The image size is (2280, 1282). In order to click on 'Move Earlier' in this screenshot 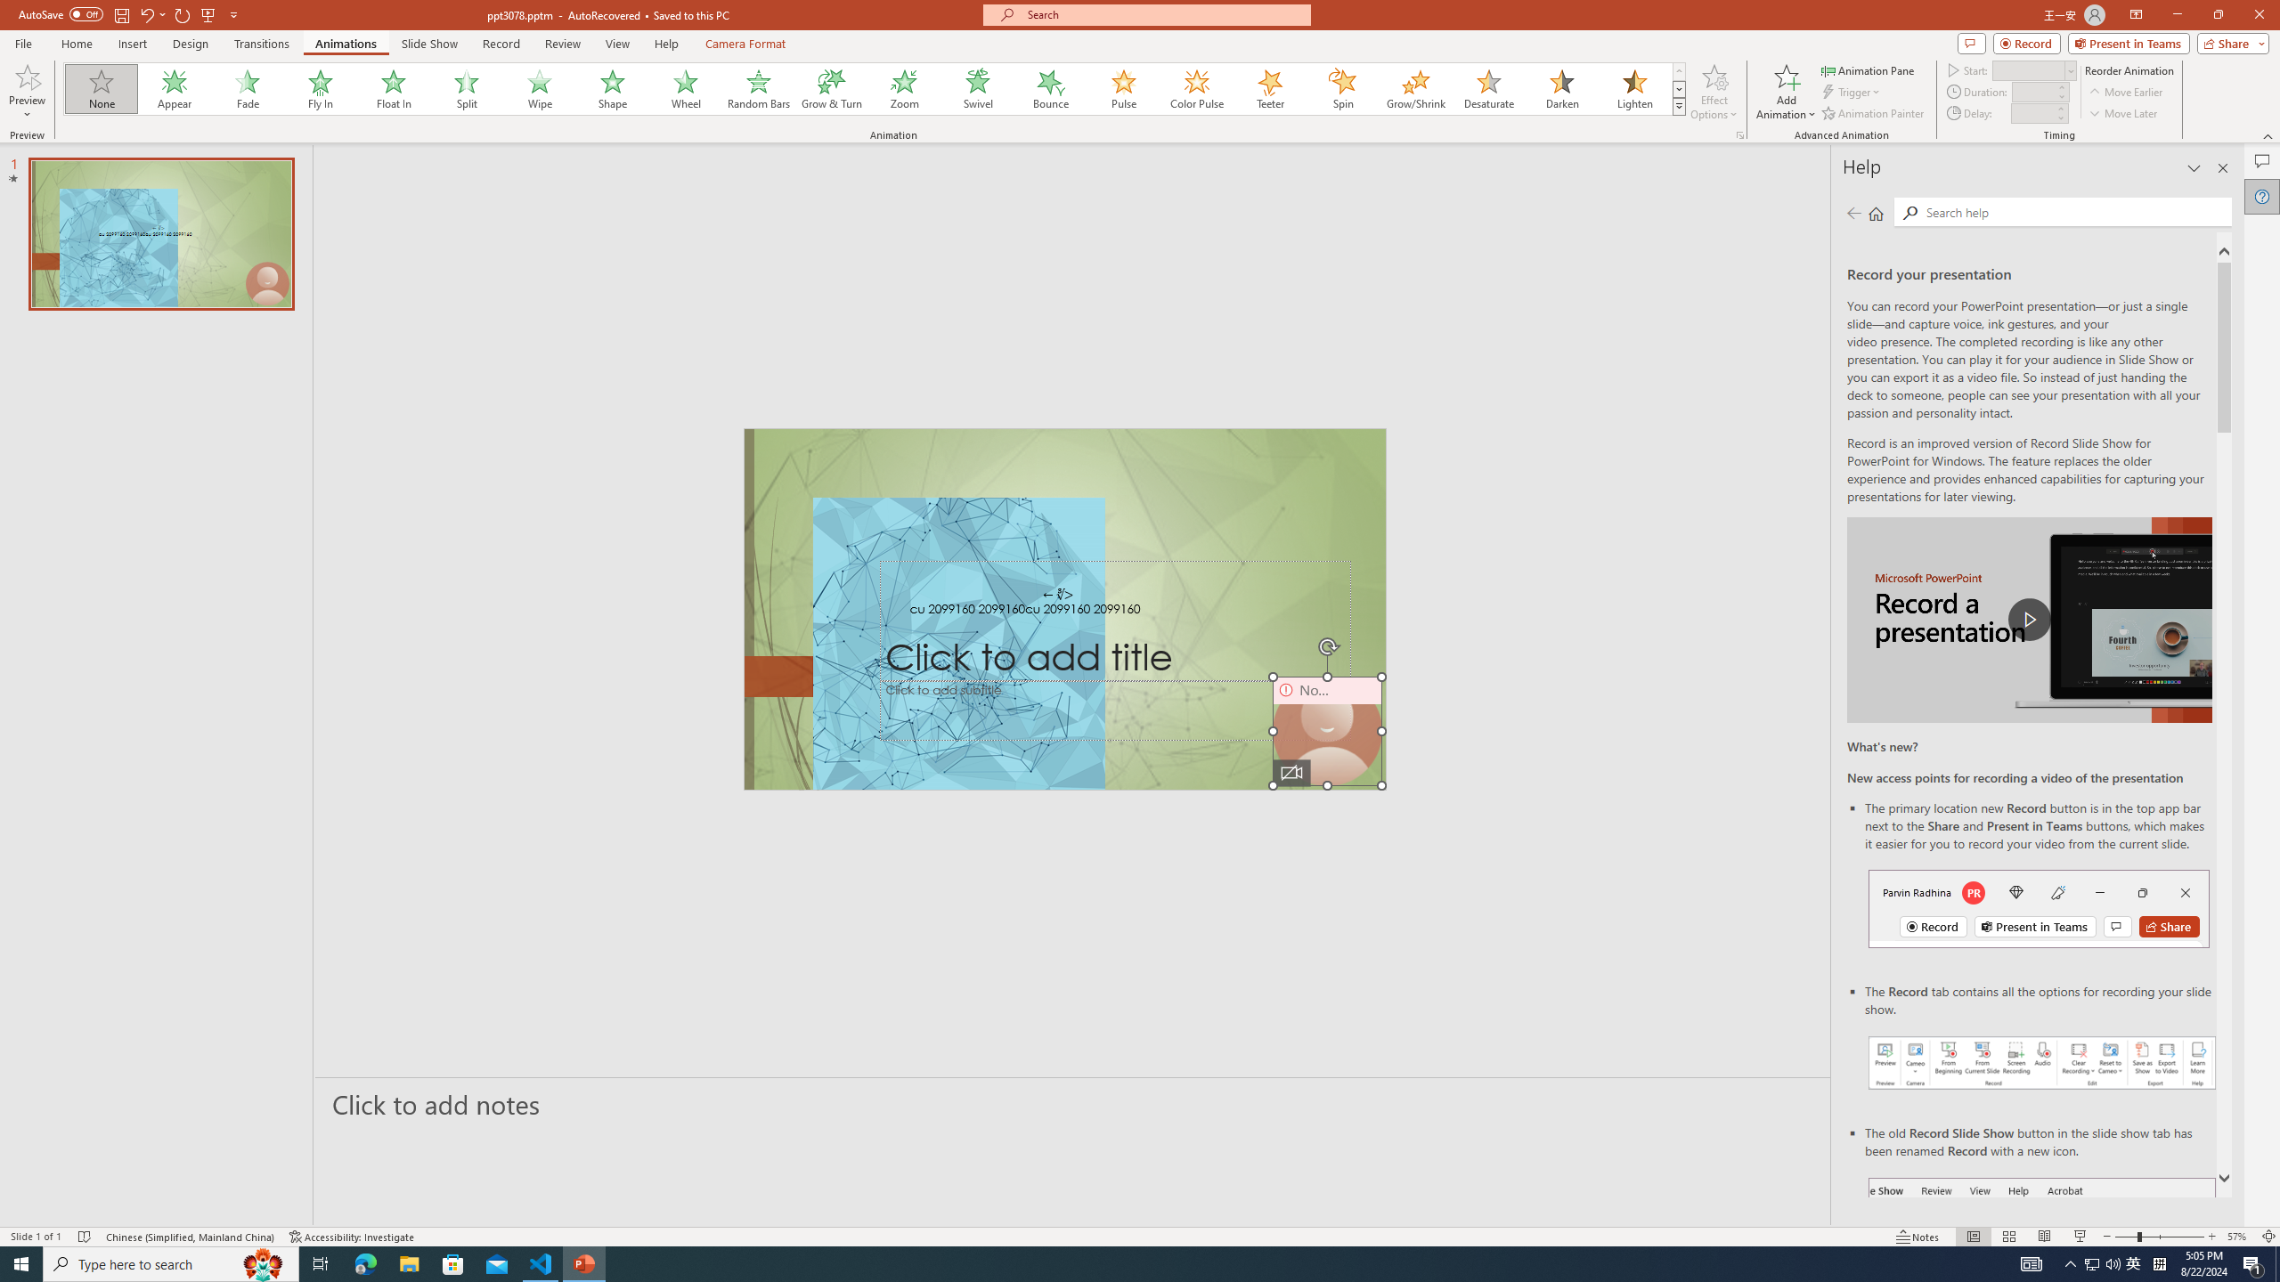, I will do `click(2125, 92)`.